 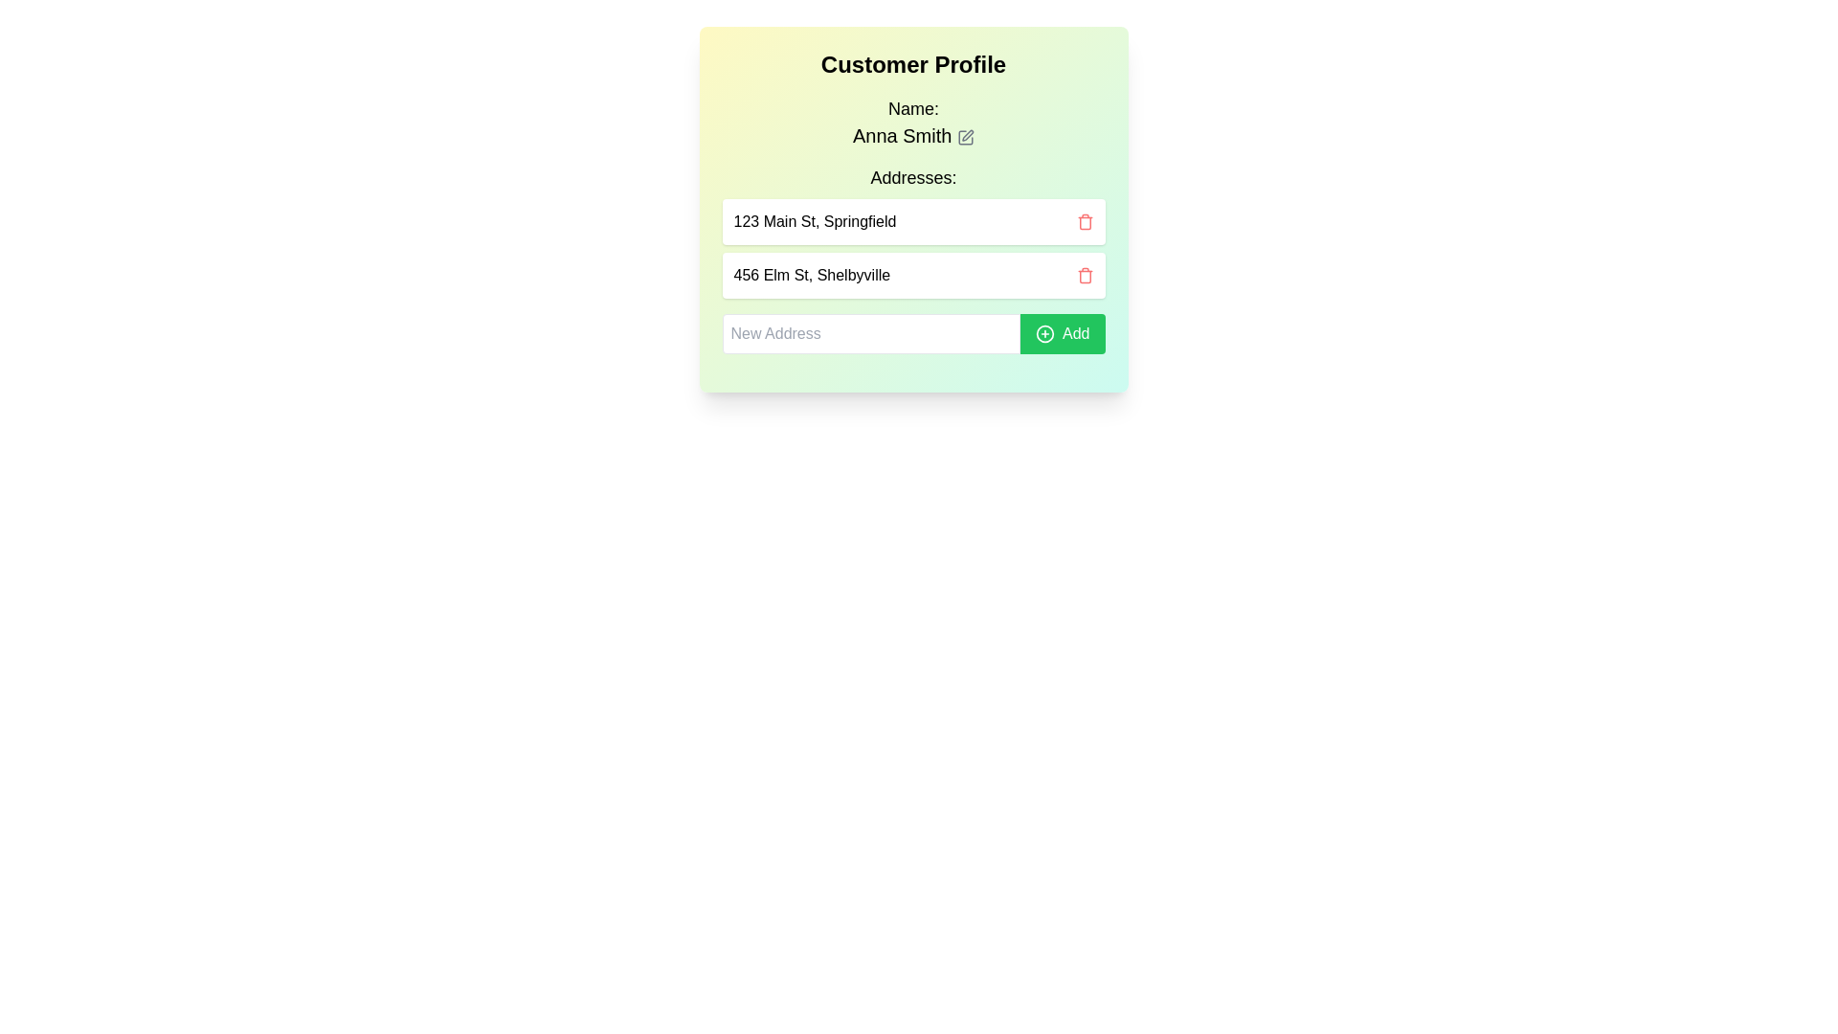 What do you see at coordinates (1062, 332) in the screenshot?
I see `the button used to add a new address in the 'Customer Profile' card` at bounding box center [1062, 332].